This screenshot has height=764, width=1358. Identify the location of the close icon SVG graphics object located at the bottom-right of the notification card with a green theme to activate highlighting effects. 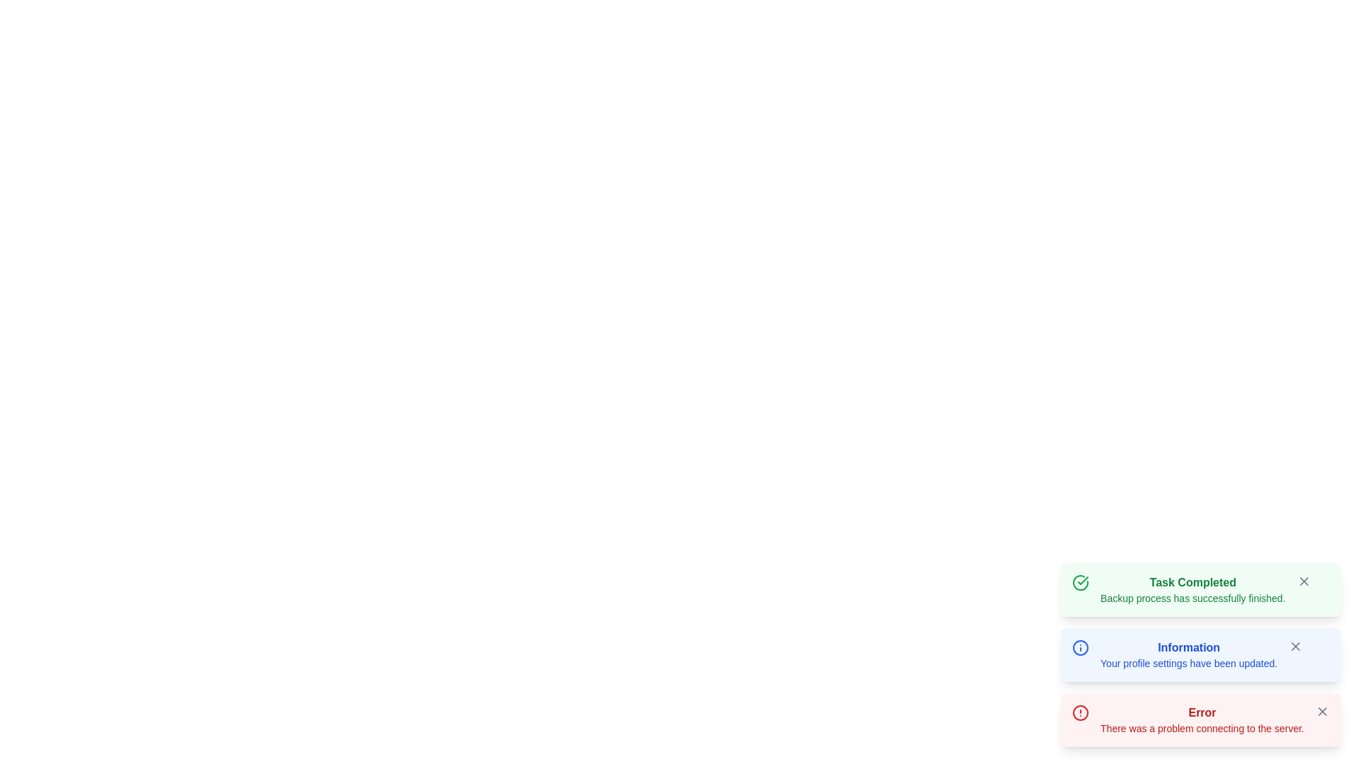
(1303, 581).